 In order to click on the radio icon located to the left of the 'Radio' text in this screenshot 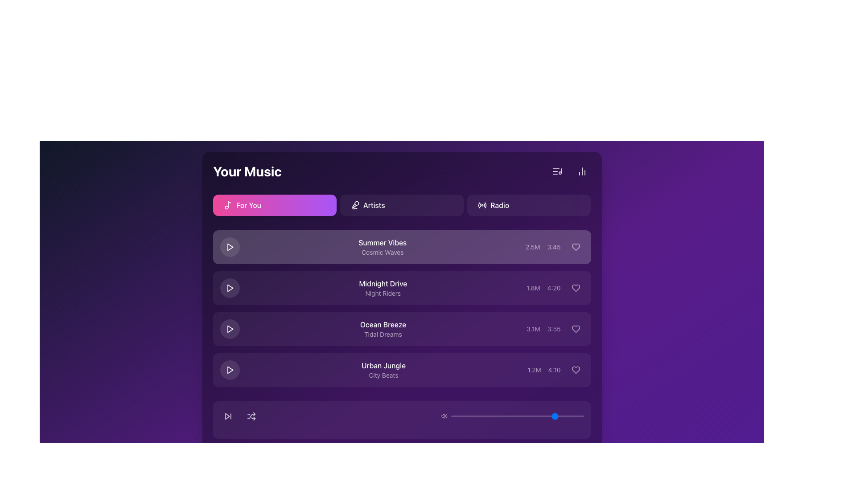, I will do `click(482, 205)`.